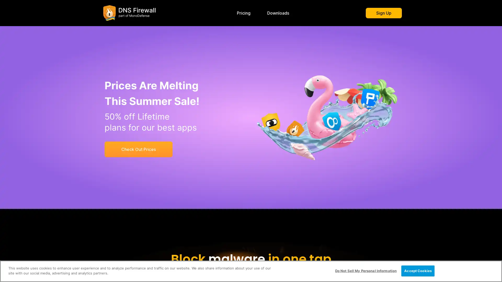 This screenshot has width=502, height=282. I want to click on Accept Cookies, so click(418, 271).